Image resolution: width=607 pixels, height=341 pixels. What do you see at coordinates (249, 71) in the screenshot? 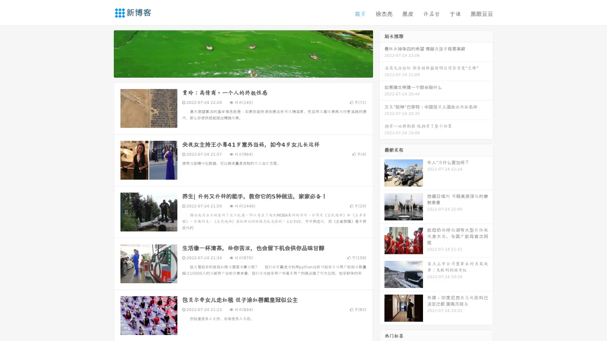
I see `Go to slide 3` at bounding box center [249, 71].